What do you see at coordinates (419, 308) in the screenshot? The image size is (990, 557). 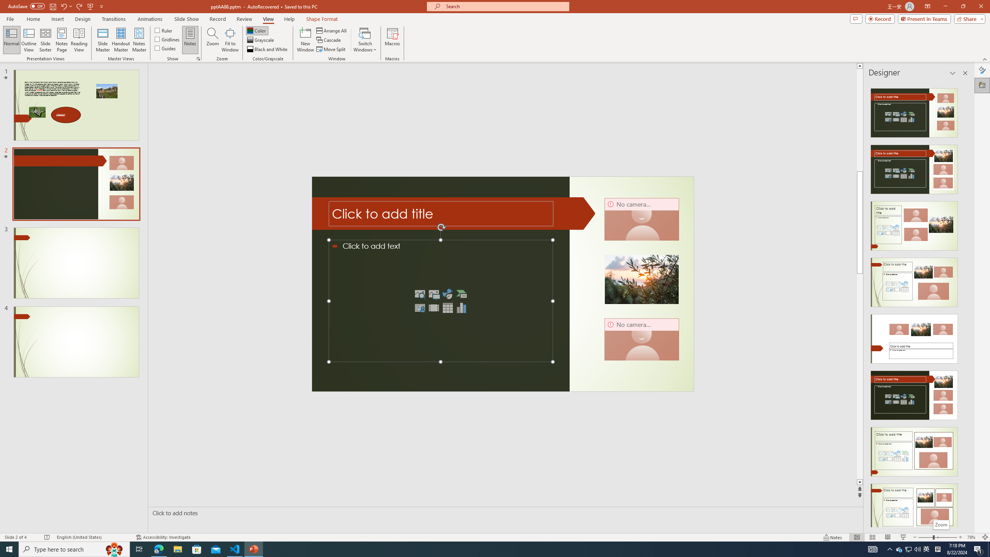 I see `'Insert Cameo'` at bounding box center [419, 308].